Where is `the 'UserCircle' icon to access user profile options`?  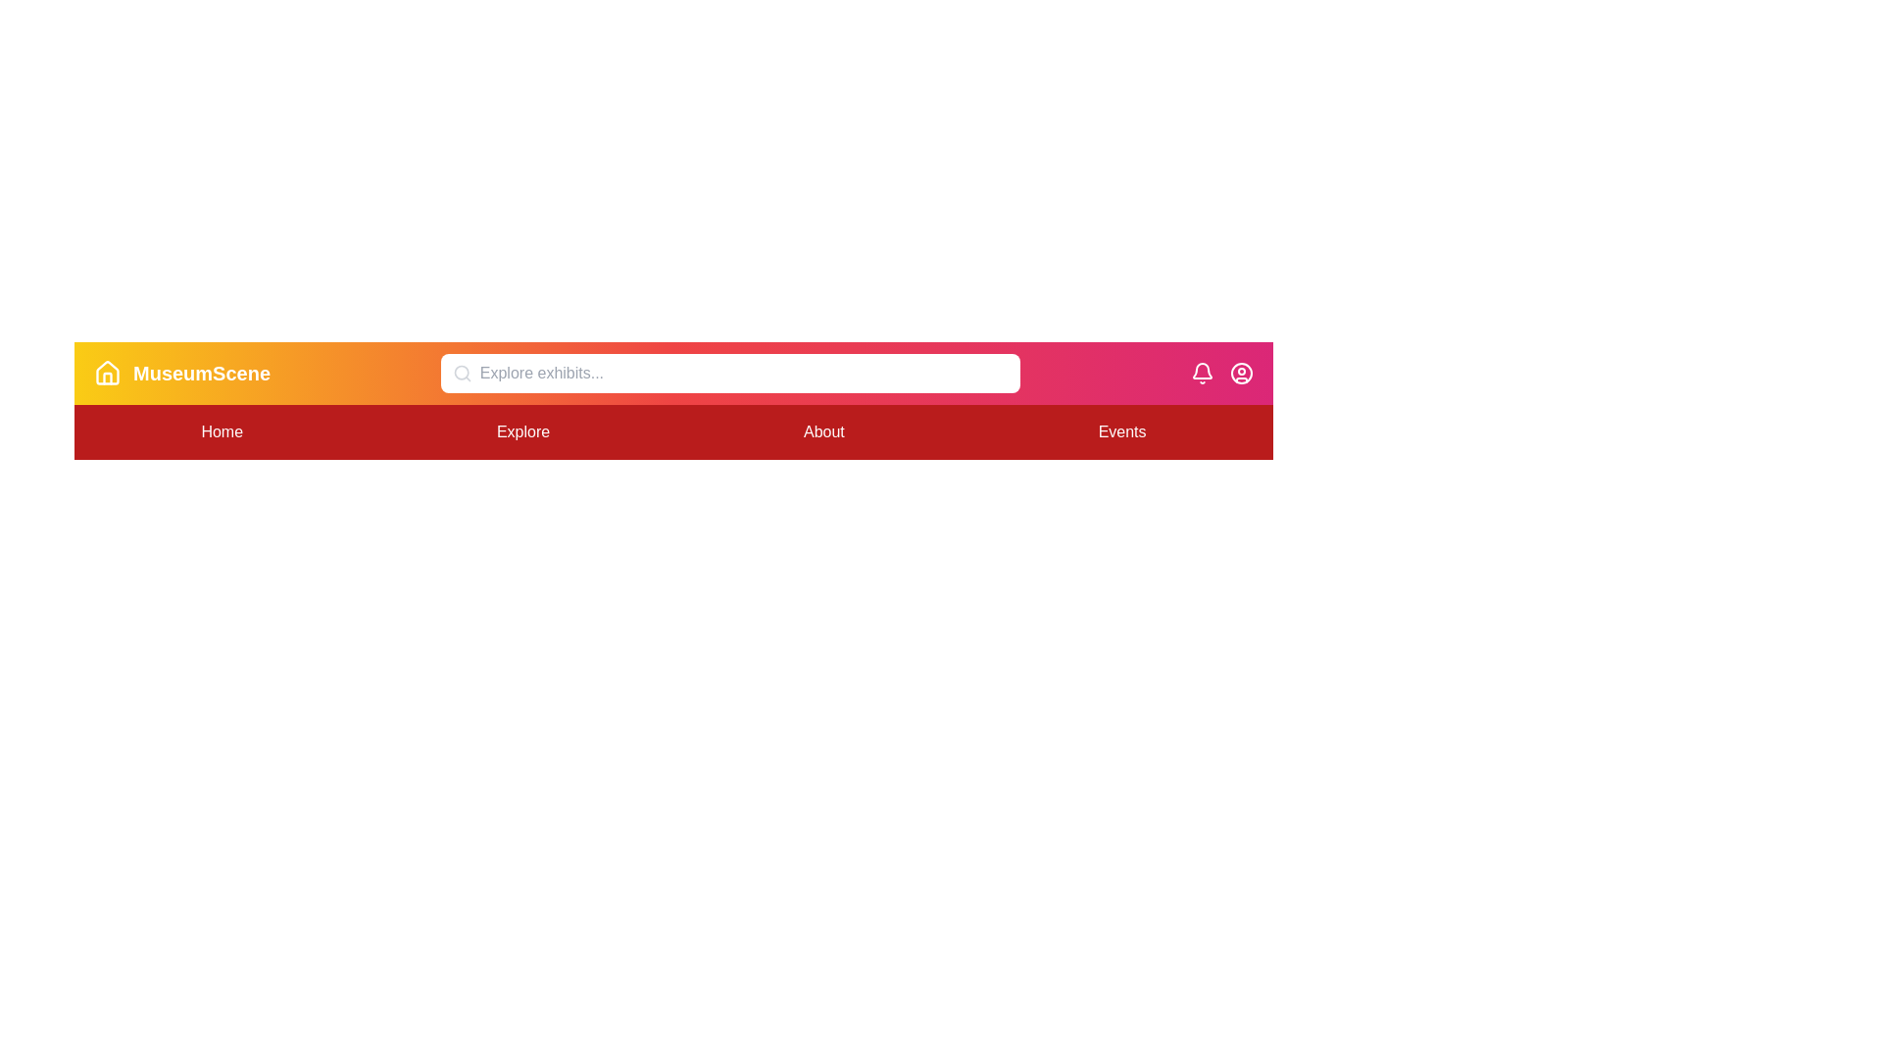 the 'UserCircle' icon to access user profile options is located at coordinates (1241, 374).